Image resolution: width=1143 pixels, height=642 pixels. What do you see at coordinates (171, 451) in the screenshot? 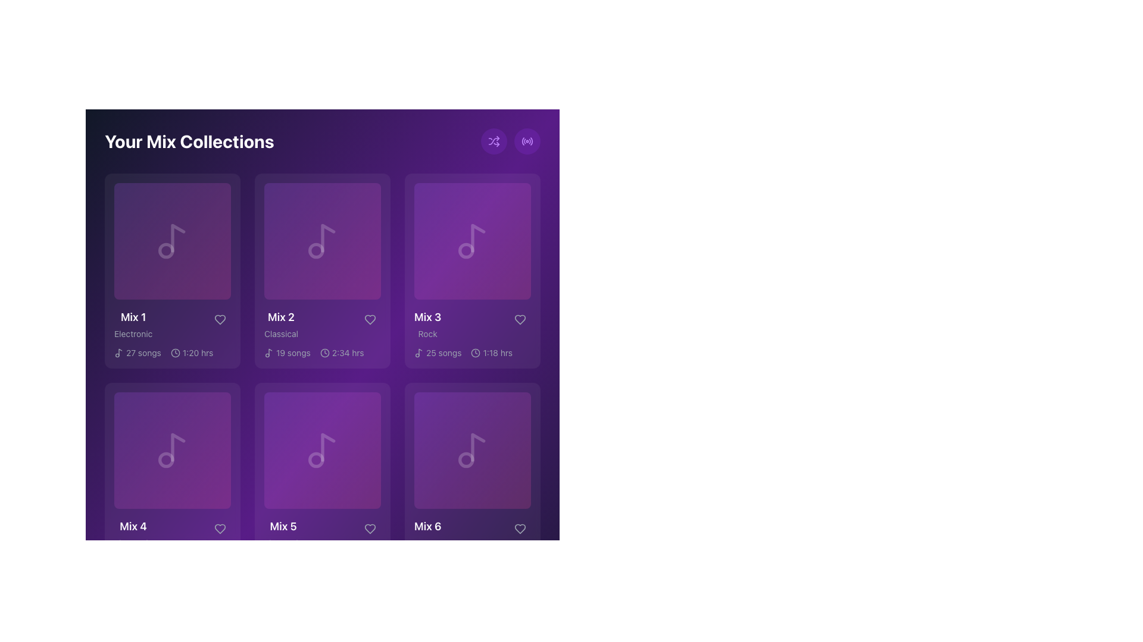
I see `the small play icon, which is a white triangular symbol surrounded by a circular purple background located in the bottom-left tile ('Mix 4') of the grid, to initiate playback` at bounding box center [171, 451].